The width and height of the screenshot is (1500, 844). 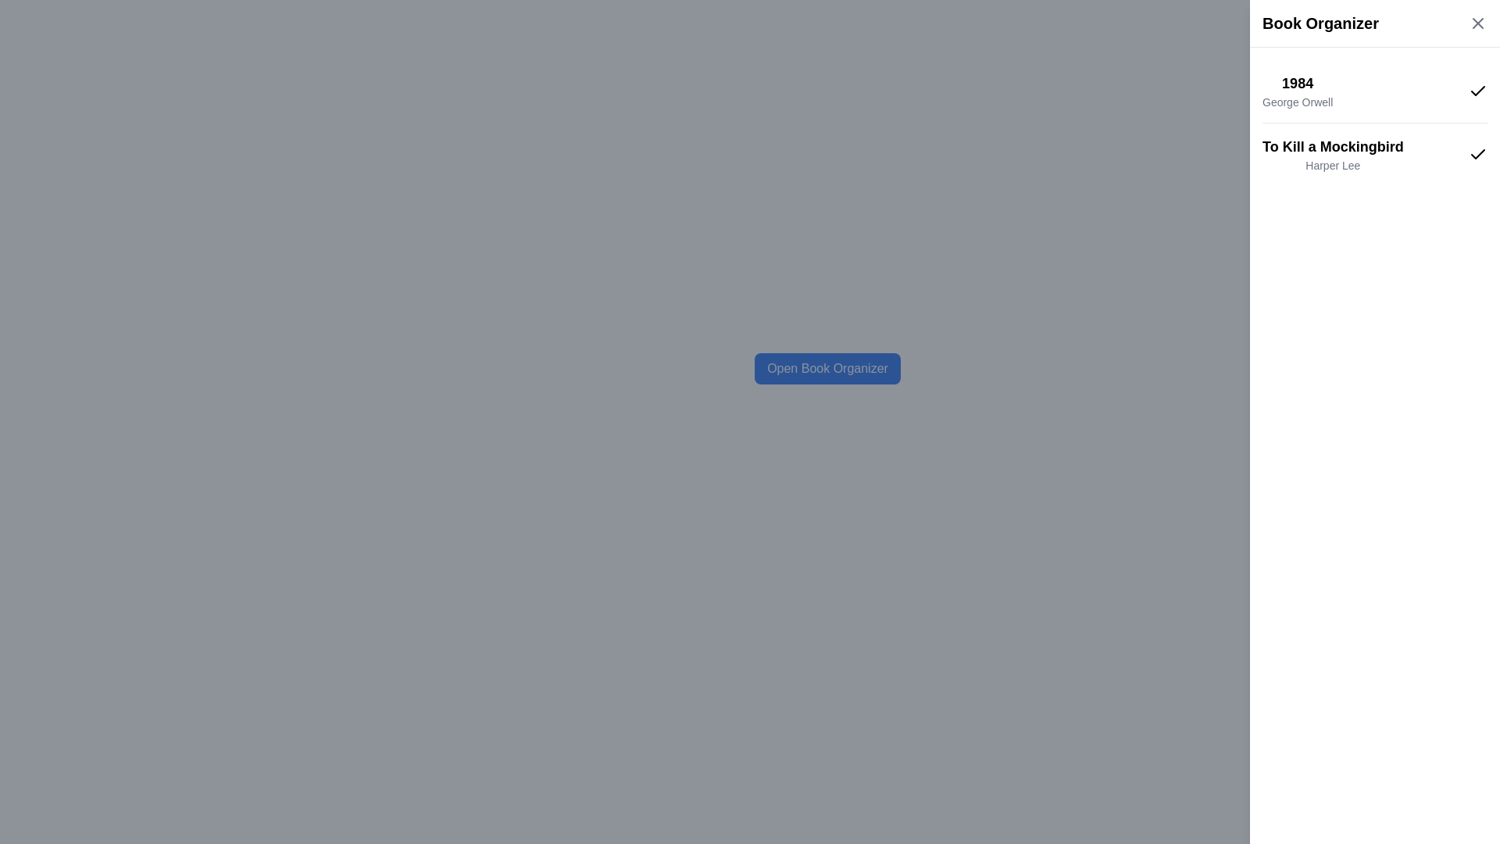 What do you see at coordinates (1375, 154) in the screenshot?
I see `the list item displaying 'To Kill a Mockingbird' by Harper Lee` at bounding box center [1375, 154].